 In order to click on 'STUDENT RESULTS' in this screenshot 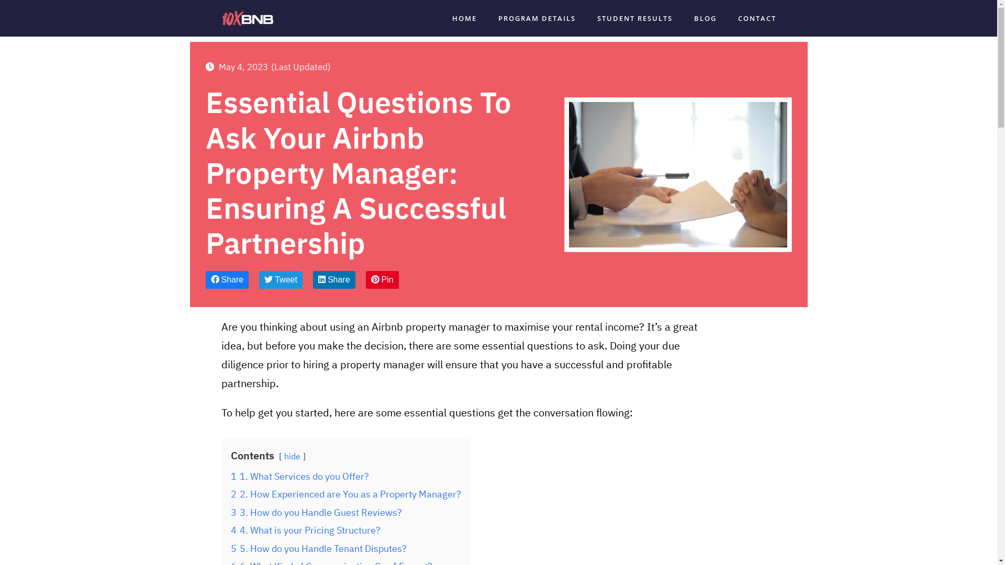, I will do `click(597, 18)`.